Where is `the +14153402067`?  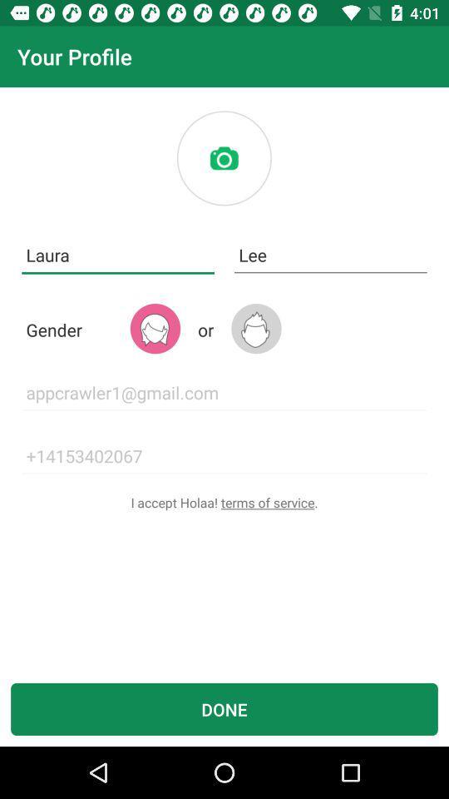 the +14153402067 is located at coordinates (224, 456).